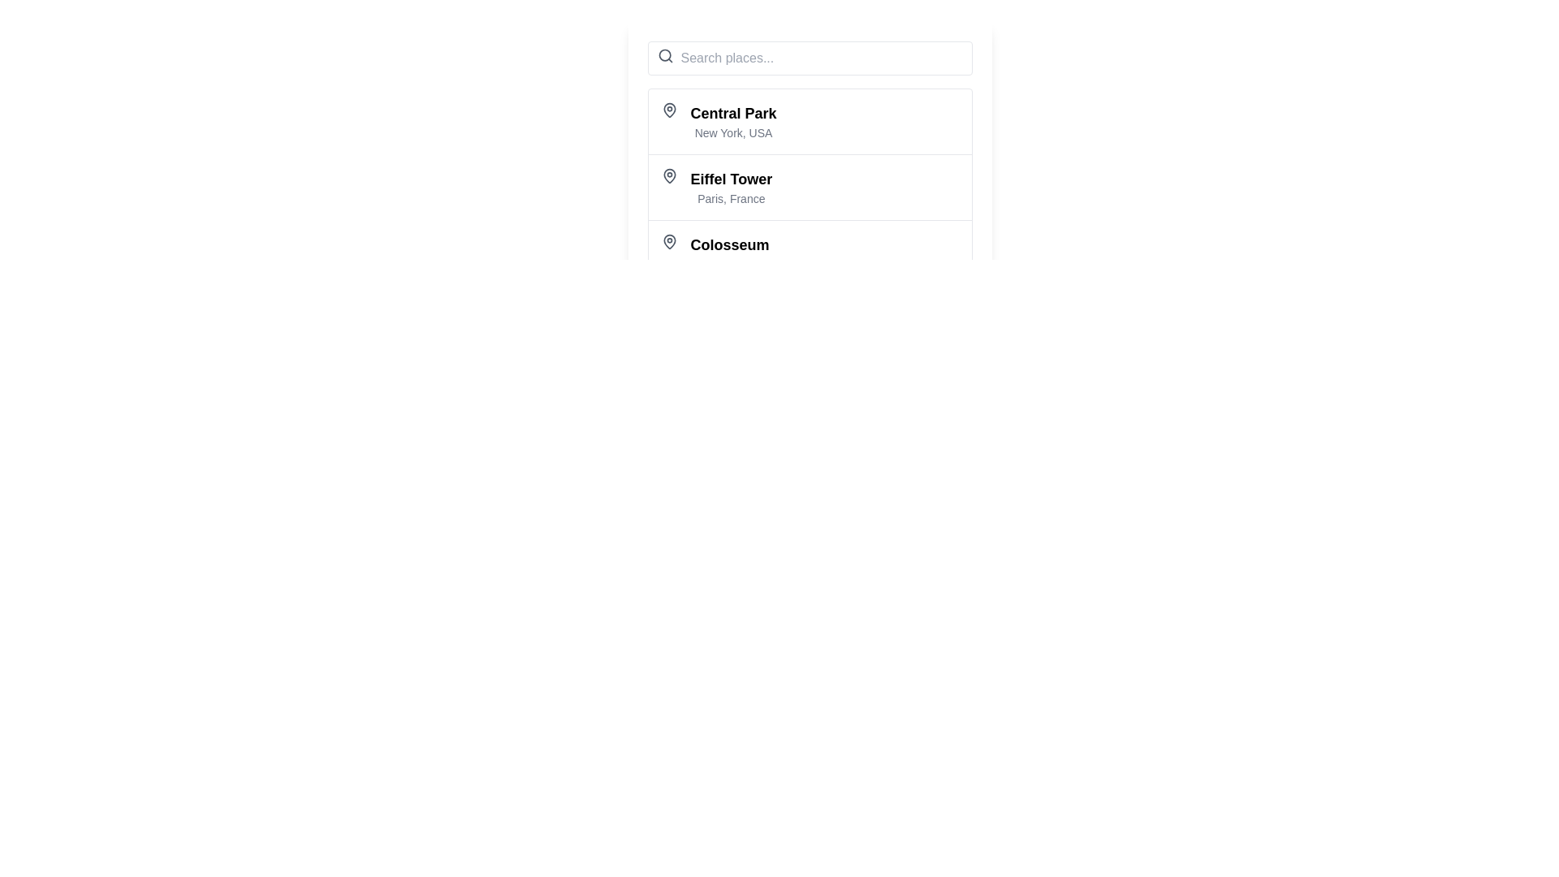 This screenshot has width=1559, height=877. I want to click on the second list item labeled 'Eiffel Tower' with the description 'Paris, France', so click(810, 184).